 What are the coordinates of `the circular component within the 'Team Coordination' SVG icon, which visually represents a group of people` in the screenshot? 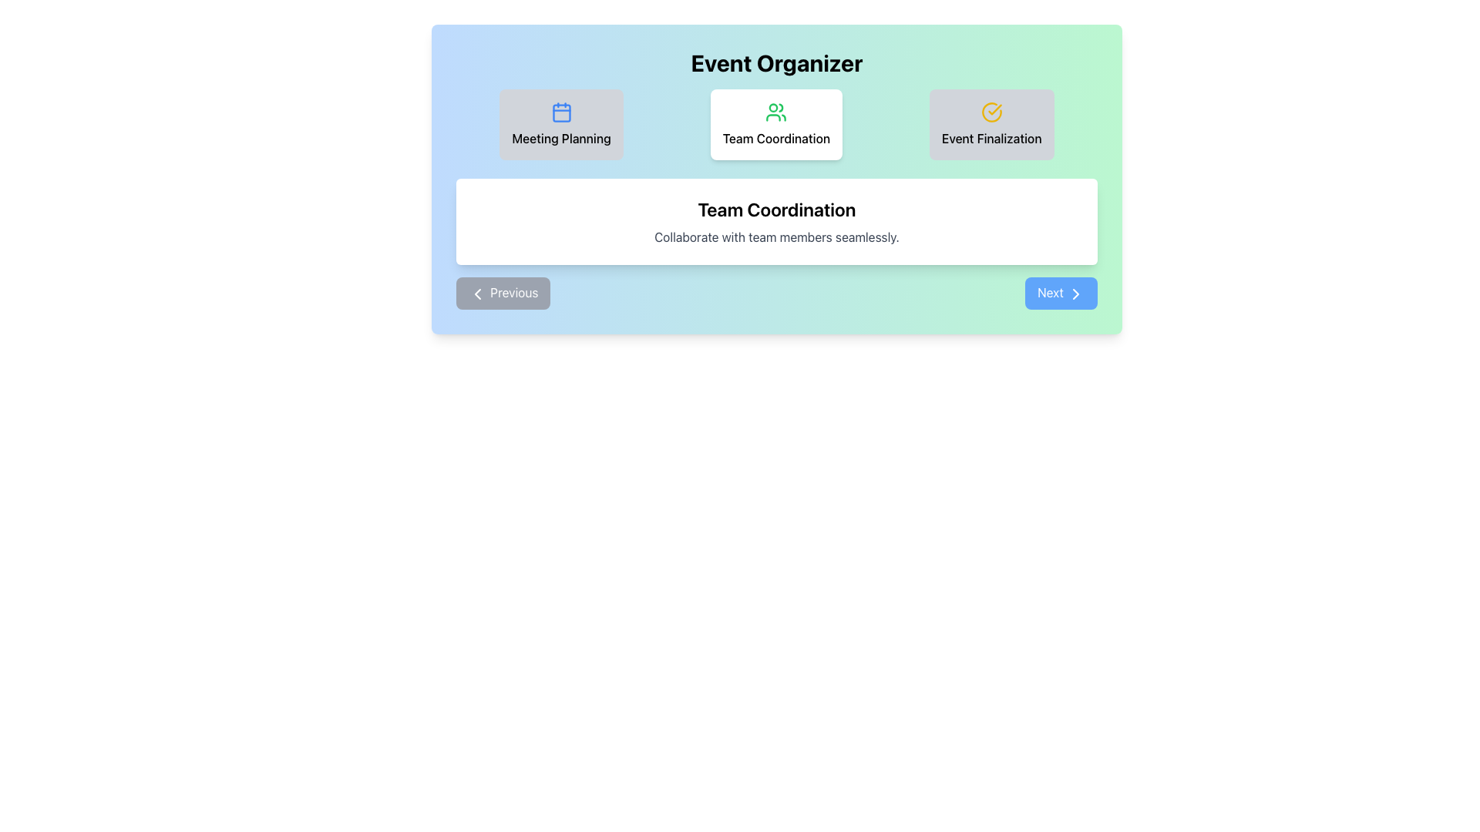 It's located at (773, 107).